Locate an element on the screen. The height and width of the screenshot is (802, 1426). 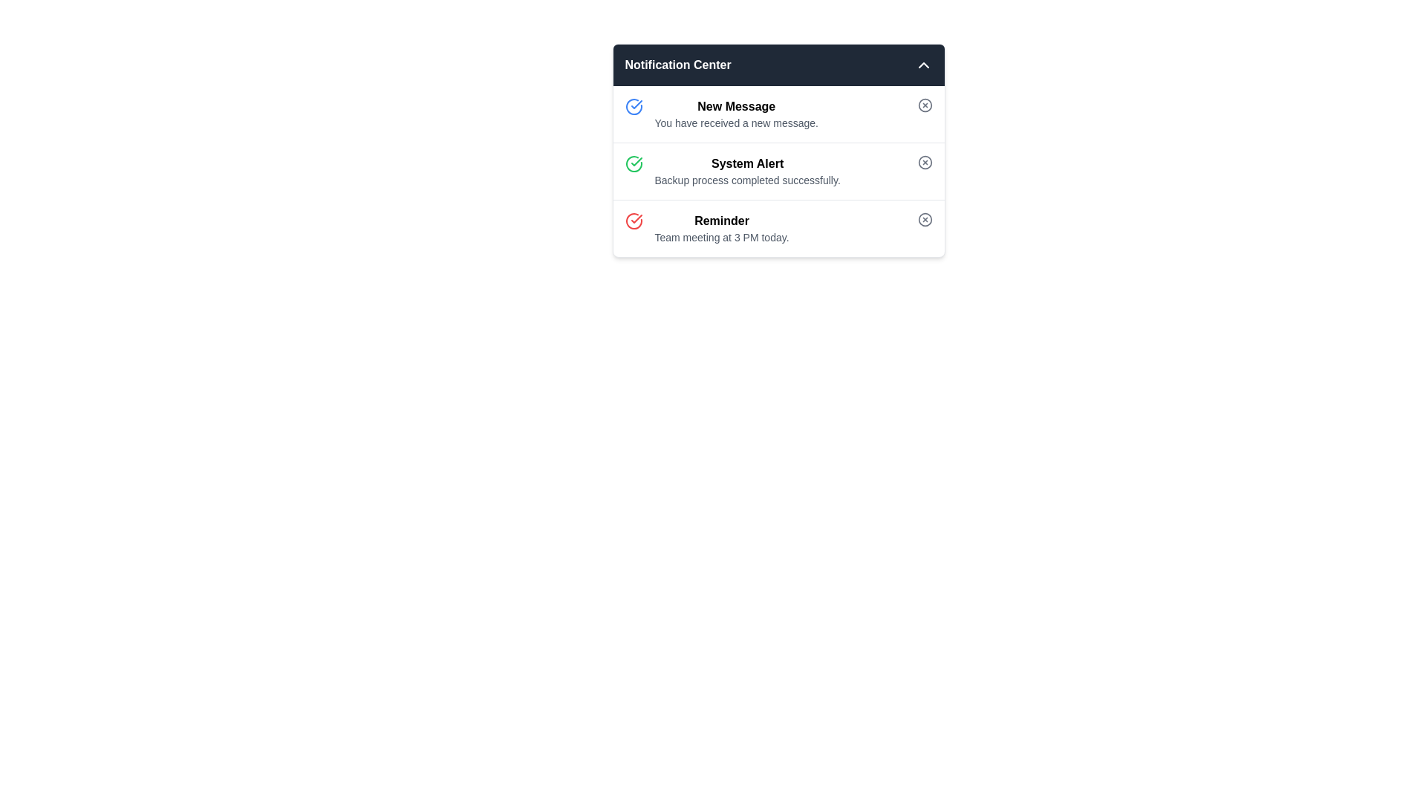
the bold black text 'Reminder' is located at coordinates (722, 221).